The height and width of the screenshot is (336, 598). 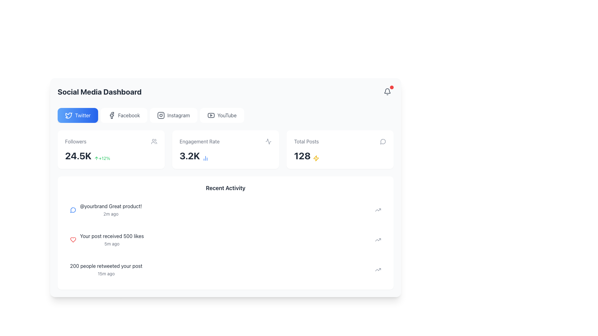 I want to click on the header text or title for the 'Recent Activity' section, which is centrally positioned at the top of the section and provides an overview of the content, so click(x=225, y=188).